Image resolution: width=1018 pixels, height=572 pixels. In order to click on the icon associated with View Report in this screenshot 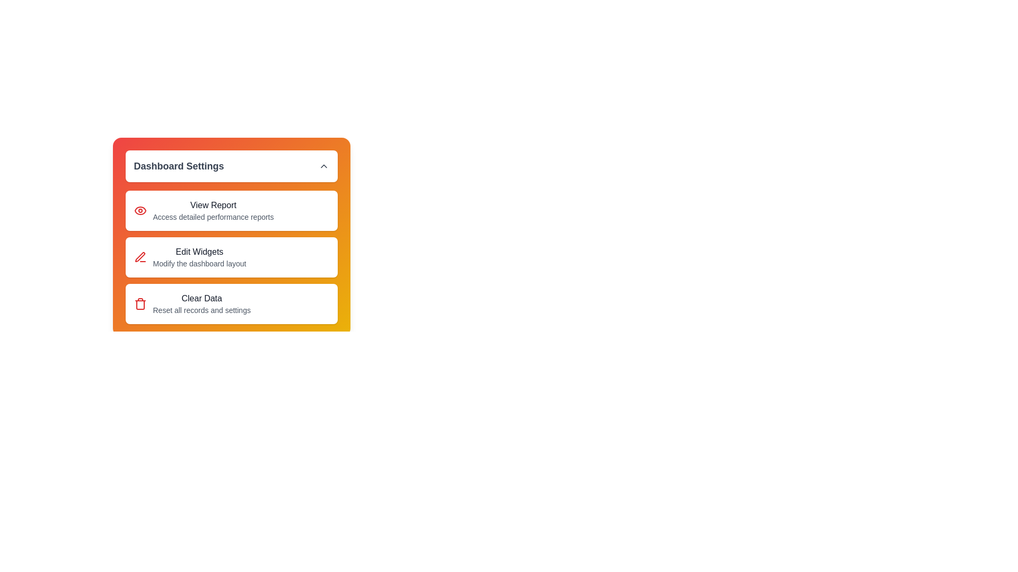, I will do `click(139, 210)`.